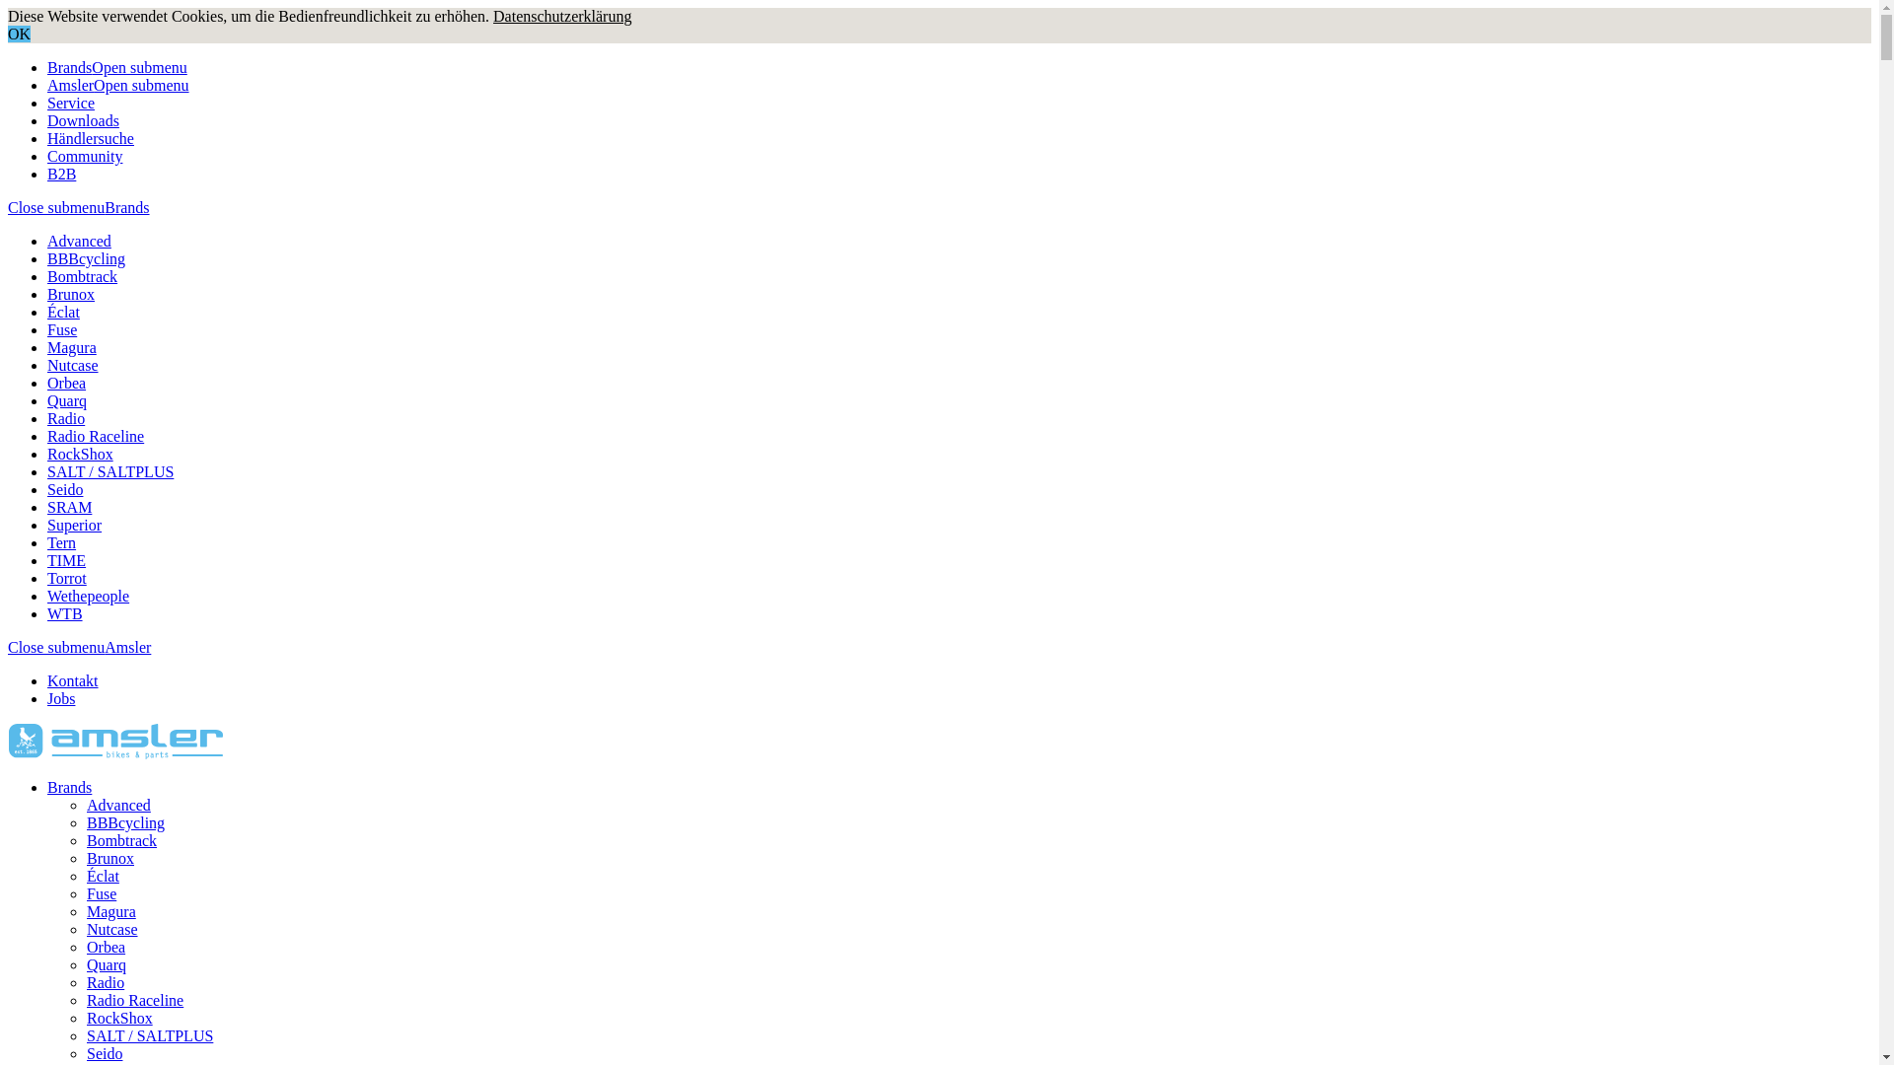  I want to click on 'SALT / SALTPLUS', so click(109, 471).